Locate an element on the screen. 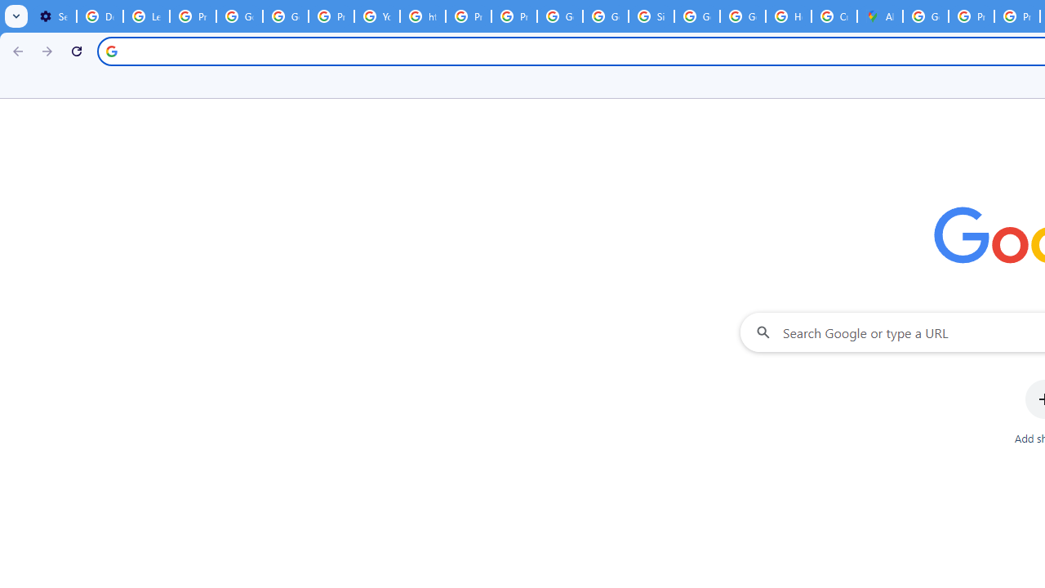 Image resolution: width=1045 pixels, height=588 pixels. 'Settings - On startup' is located at coordinates (53, 16).